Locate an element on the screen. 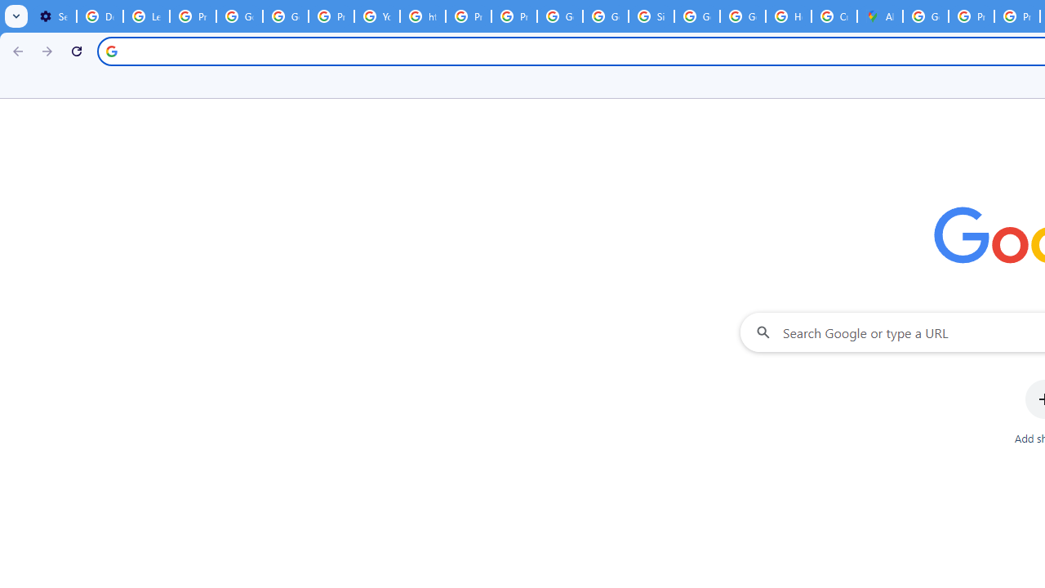 Image resolution: width=1045 pixels, height=588 pixels. 'Settings - On startup' is located at coordinates (53, 16).